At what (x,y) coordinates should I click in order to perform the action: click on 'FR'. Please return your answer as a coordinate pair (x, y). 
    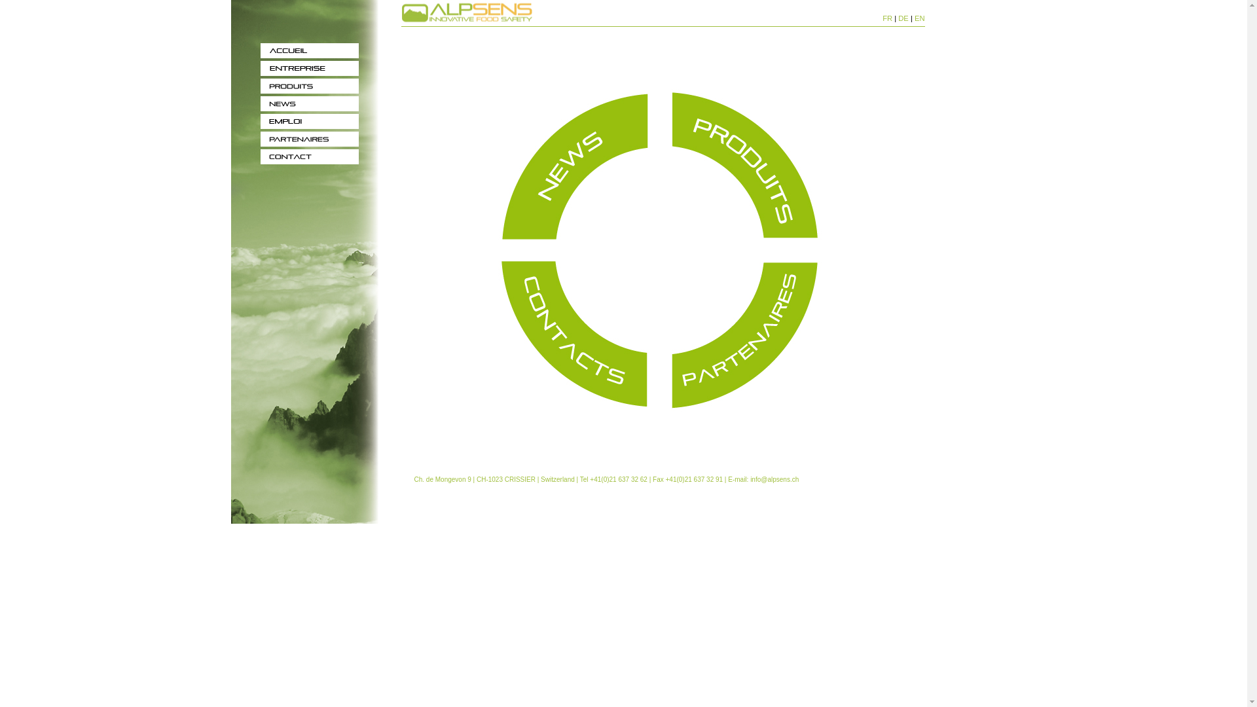
    Looking at the image, I should click on (887, 18).